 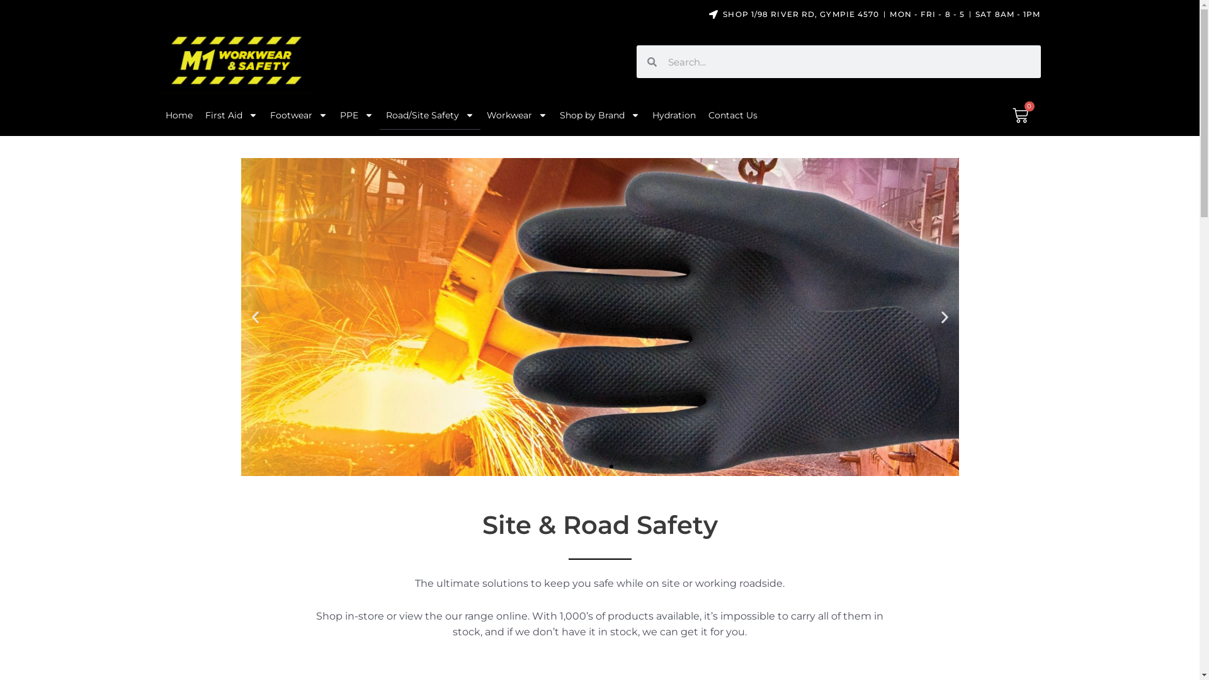 I want to click on 'Hydration', so click(x=673, y=115).